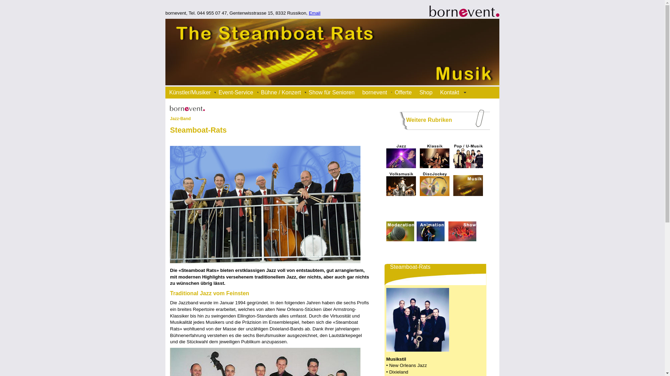  What do you see at coordinates (377, 92) in the screenshot?
I see `'bornevent'` at bounding box center [377, 92].